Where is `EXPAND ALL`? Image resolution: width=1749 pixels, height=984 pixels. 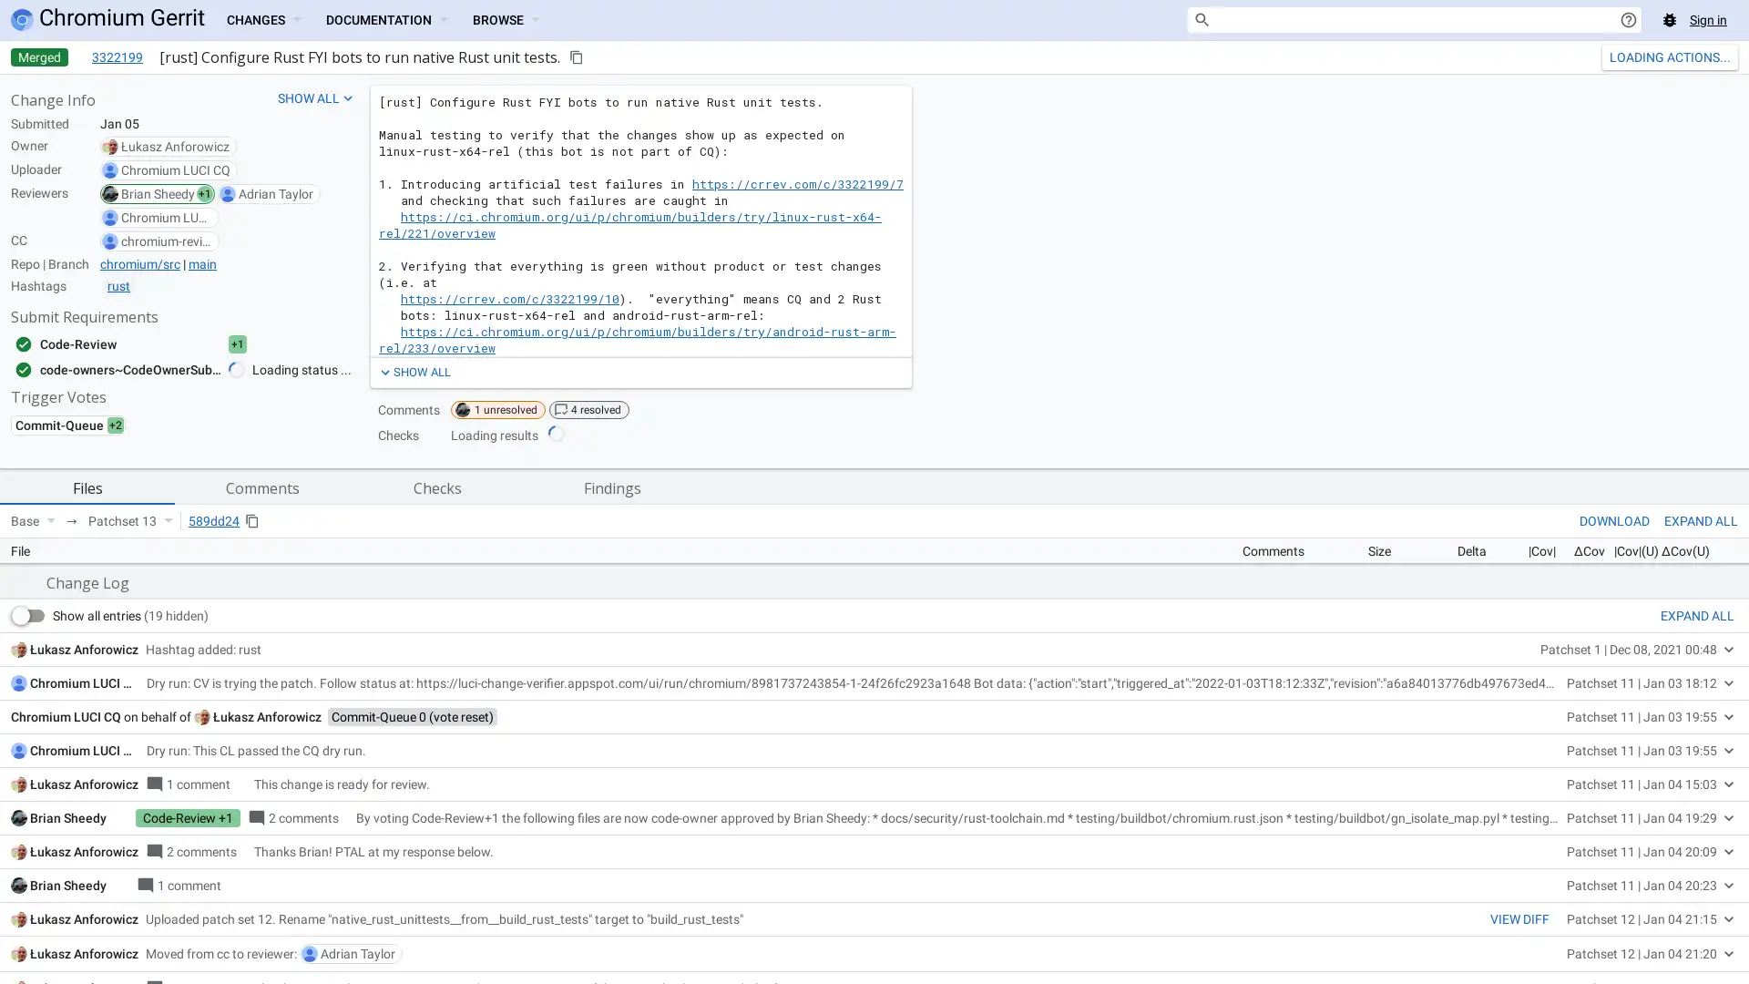 EXPAND ALL is located at coordinates (1696, 866).